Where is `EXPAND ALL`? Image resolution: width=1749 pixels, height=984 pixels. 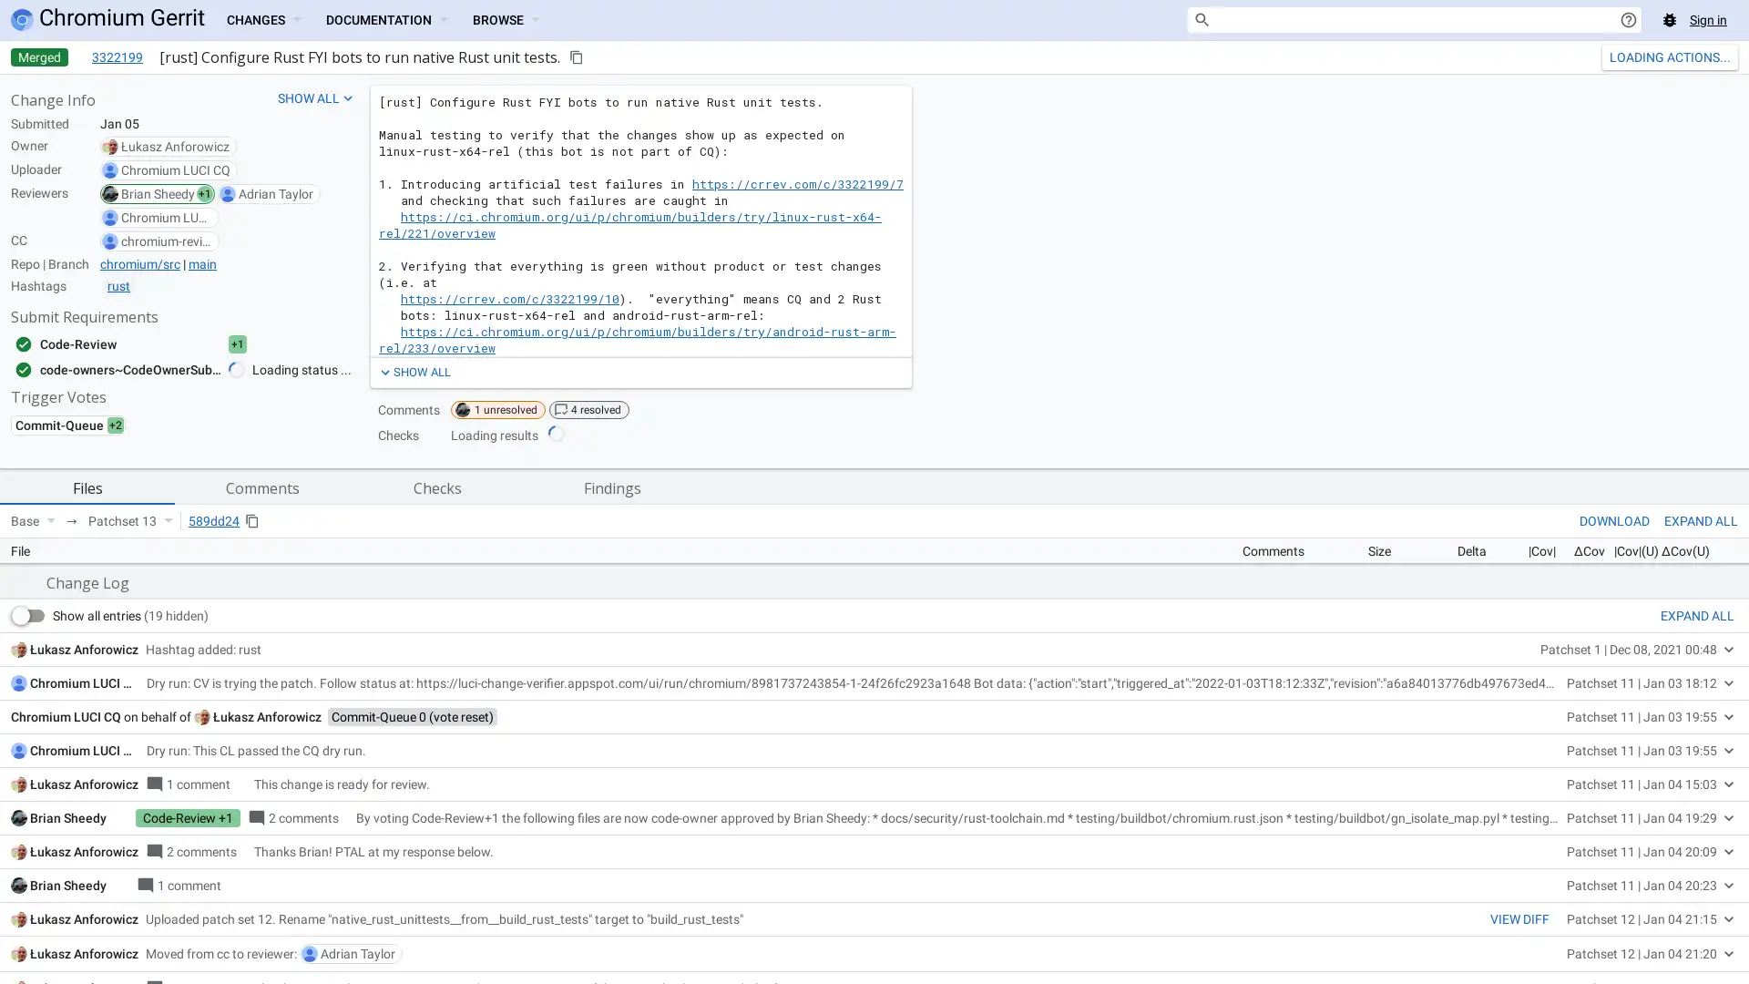 EXPAND ALL is located at coordinates (1696, 866).